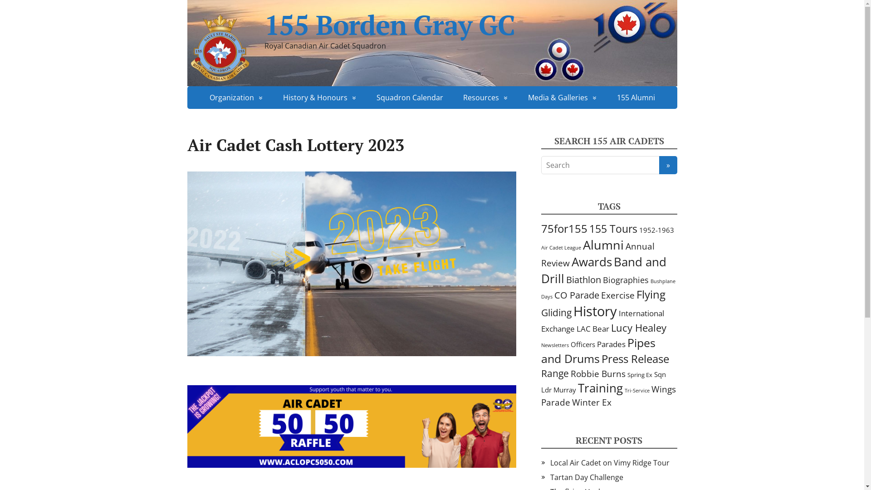  What do you see at coordinates (650, 294) in the screenshot?
I see `'Flying'` at bounding box center [650, 294].